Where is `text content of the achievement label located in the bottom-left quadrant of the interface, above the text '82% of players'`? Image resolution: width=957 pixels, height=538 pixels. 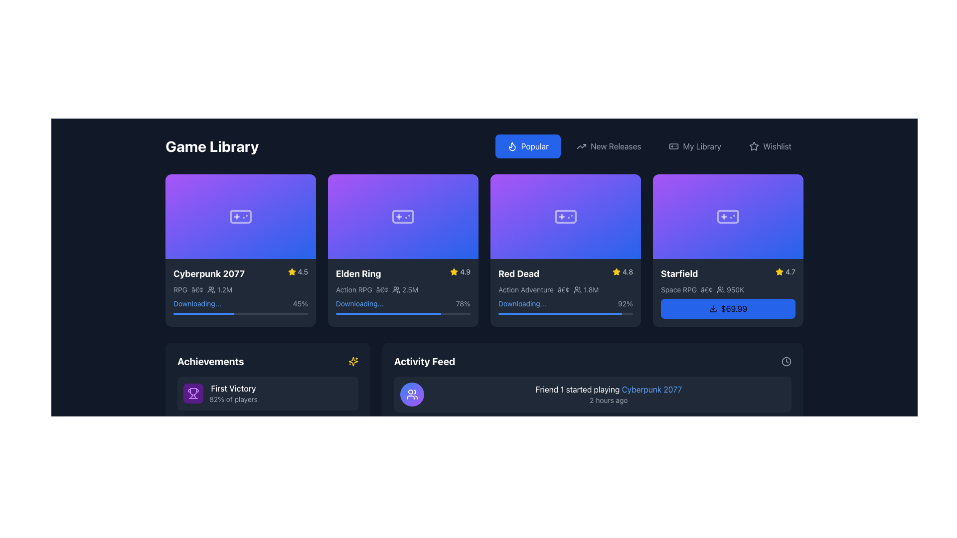
text content of the achievement label located in the bottom-left quadrant of the interface, above the text '82% of players' is located at coordinates (233, 388).